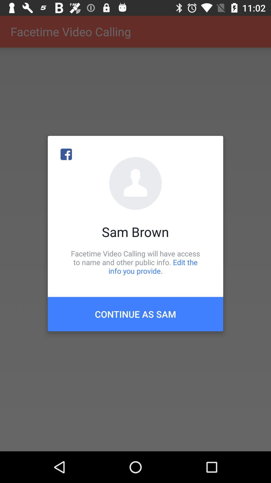 The height and width of the screenshot is (483, 271). I want to click on facetime video calling item, so click(135, 262).